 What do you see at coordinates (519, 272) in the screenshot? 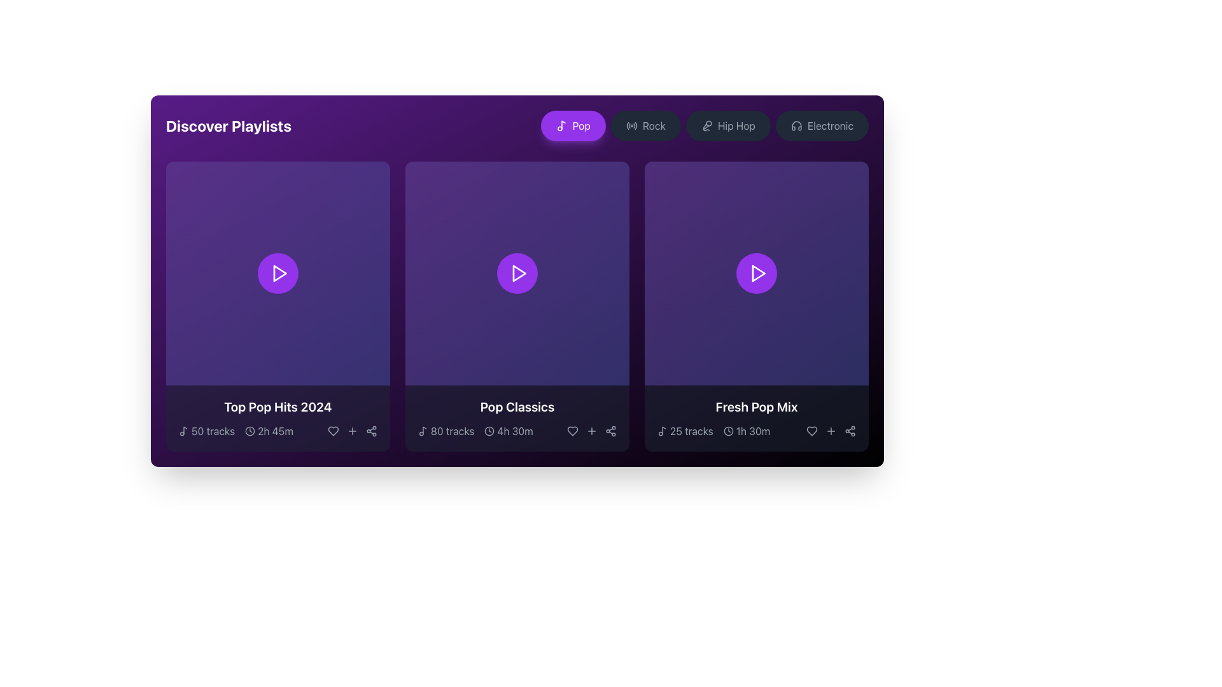
I see `the play icon button with a purple outline on a circular white background, located in the 'Pop Classics' card to play the playlist` at bounding box center [519, 272].